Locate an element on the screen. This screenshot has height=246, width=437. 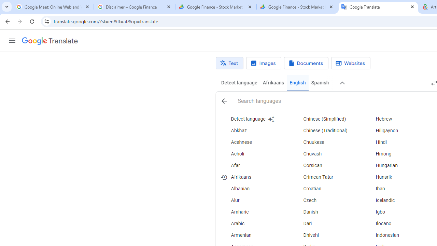
'Armenian' is located at coordinates (254, 235).